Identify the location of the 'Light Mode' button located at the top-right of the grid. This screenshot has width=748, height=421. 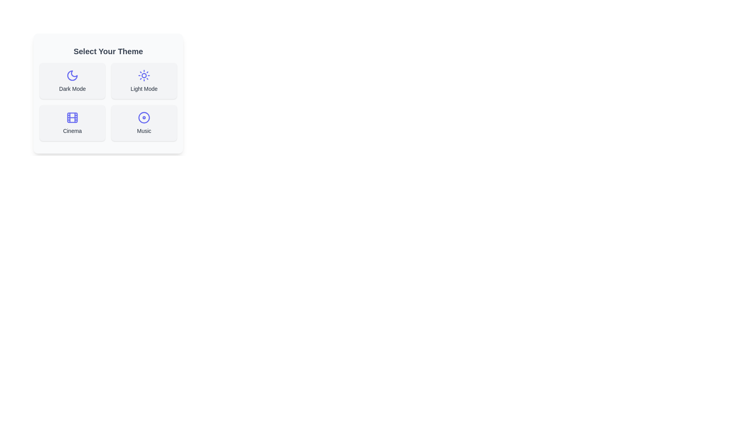
(144, 81).